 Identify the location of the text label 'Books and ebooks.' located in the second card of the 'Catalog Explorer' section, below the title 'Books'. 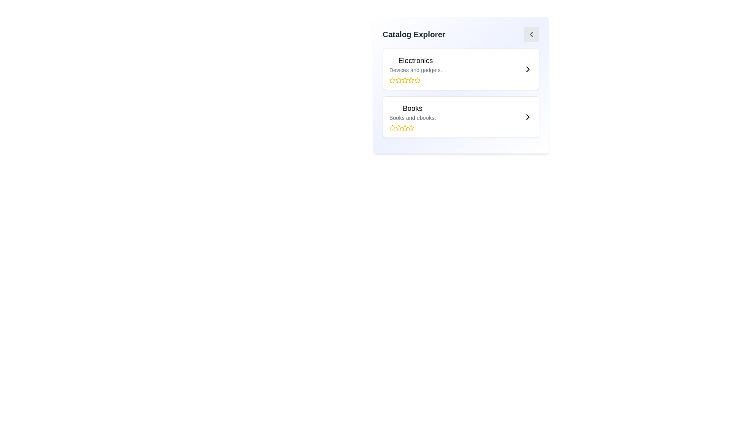
(412, 117).